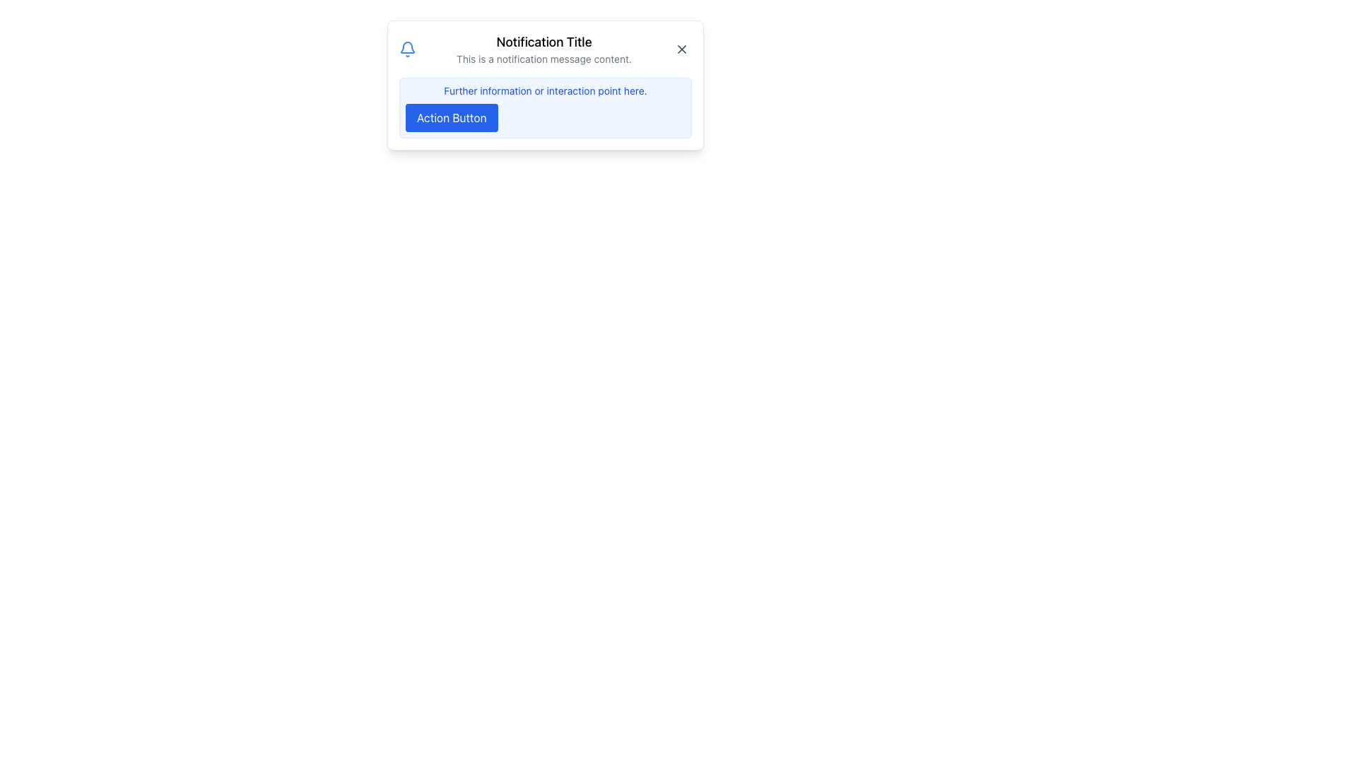 The width and height of the screenshot is (1357, 763). I want to click on the bell icon that signifies notifications, located to the left of 'Notification Title' and 'This is a notification message content.', so click(406, 48).